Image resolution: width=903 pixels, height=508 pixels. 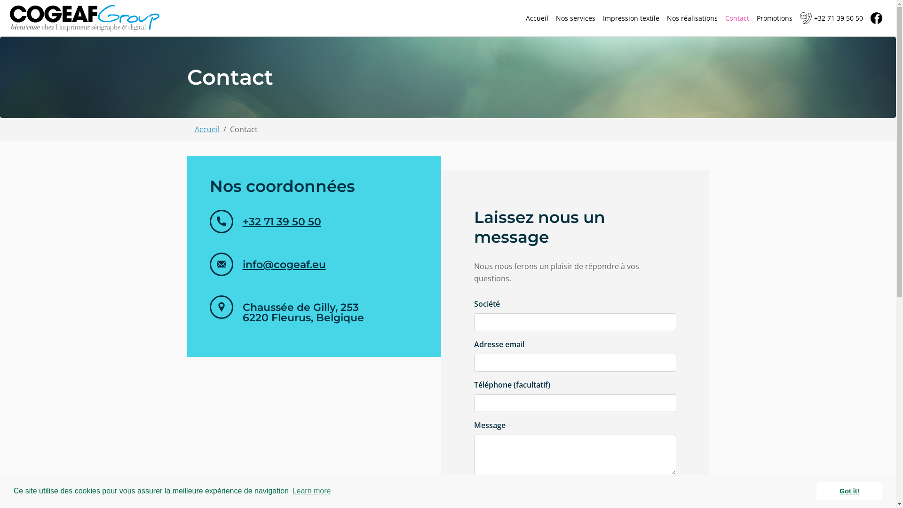 What do you see at coordinates (284, 264) in the screenshot?
I see `'info@cogeaf.eu'` at bounding box center [284, 264].